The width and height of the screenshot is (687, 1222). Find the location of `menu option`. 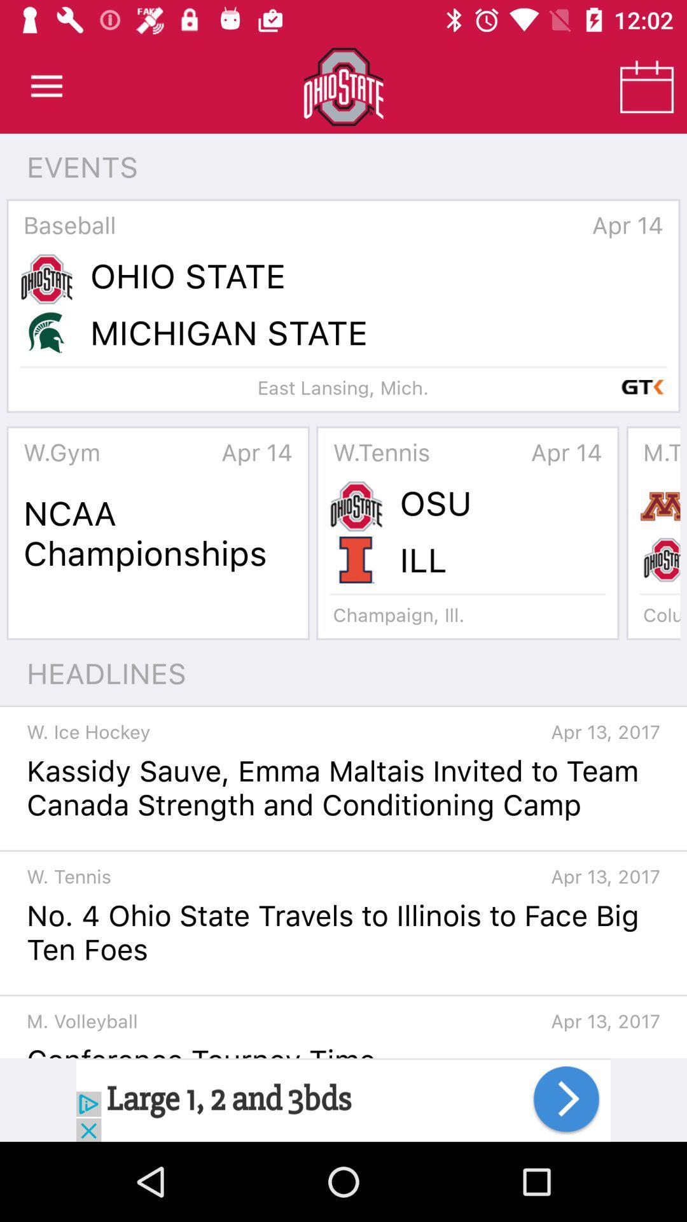

menu option is located at coordinates (46, 86).